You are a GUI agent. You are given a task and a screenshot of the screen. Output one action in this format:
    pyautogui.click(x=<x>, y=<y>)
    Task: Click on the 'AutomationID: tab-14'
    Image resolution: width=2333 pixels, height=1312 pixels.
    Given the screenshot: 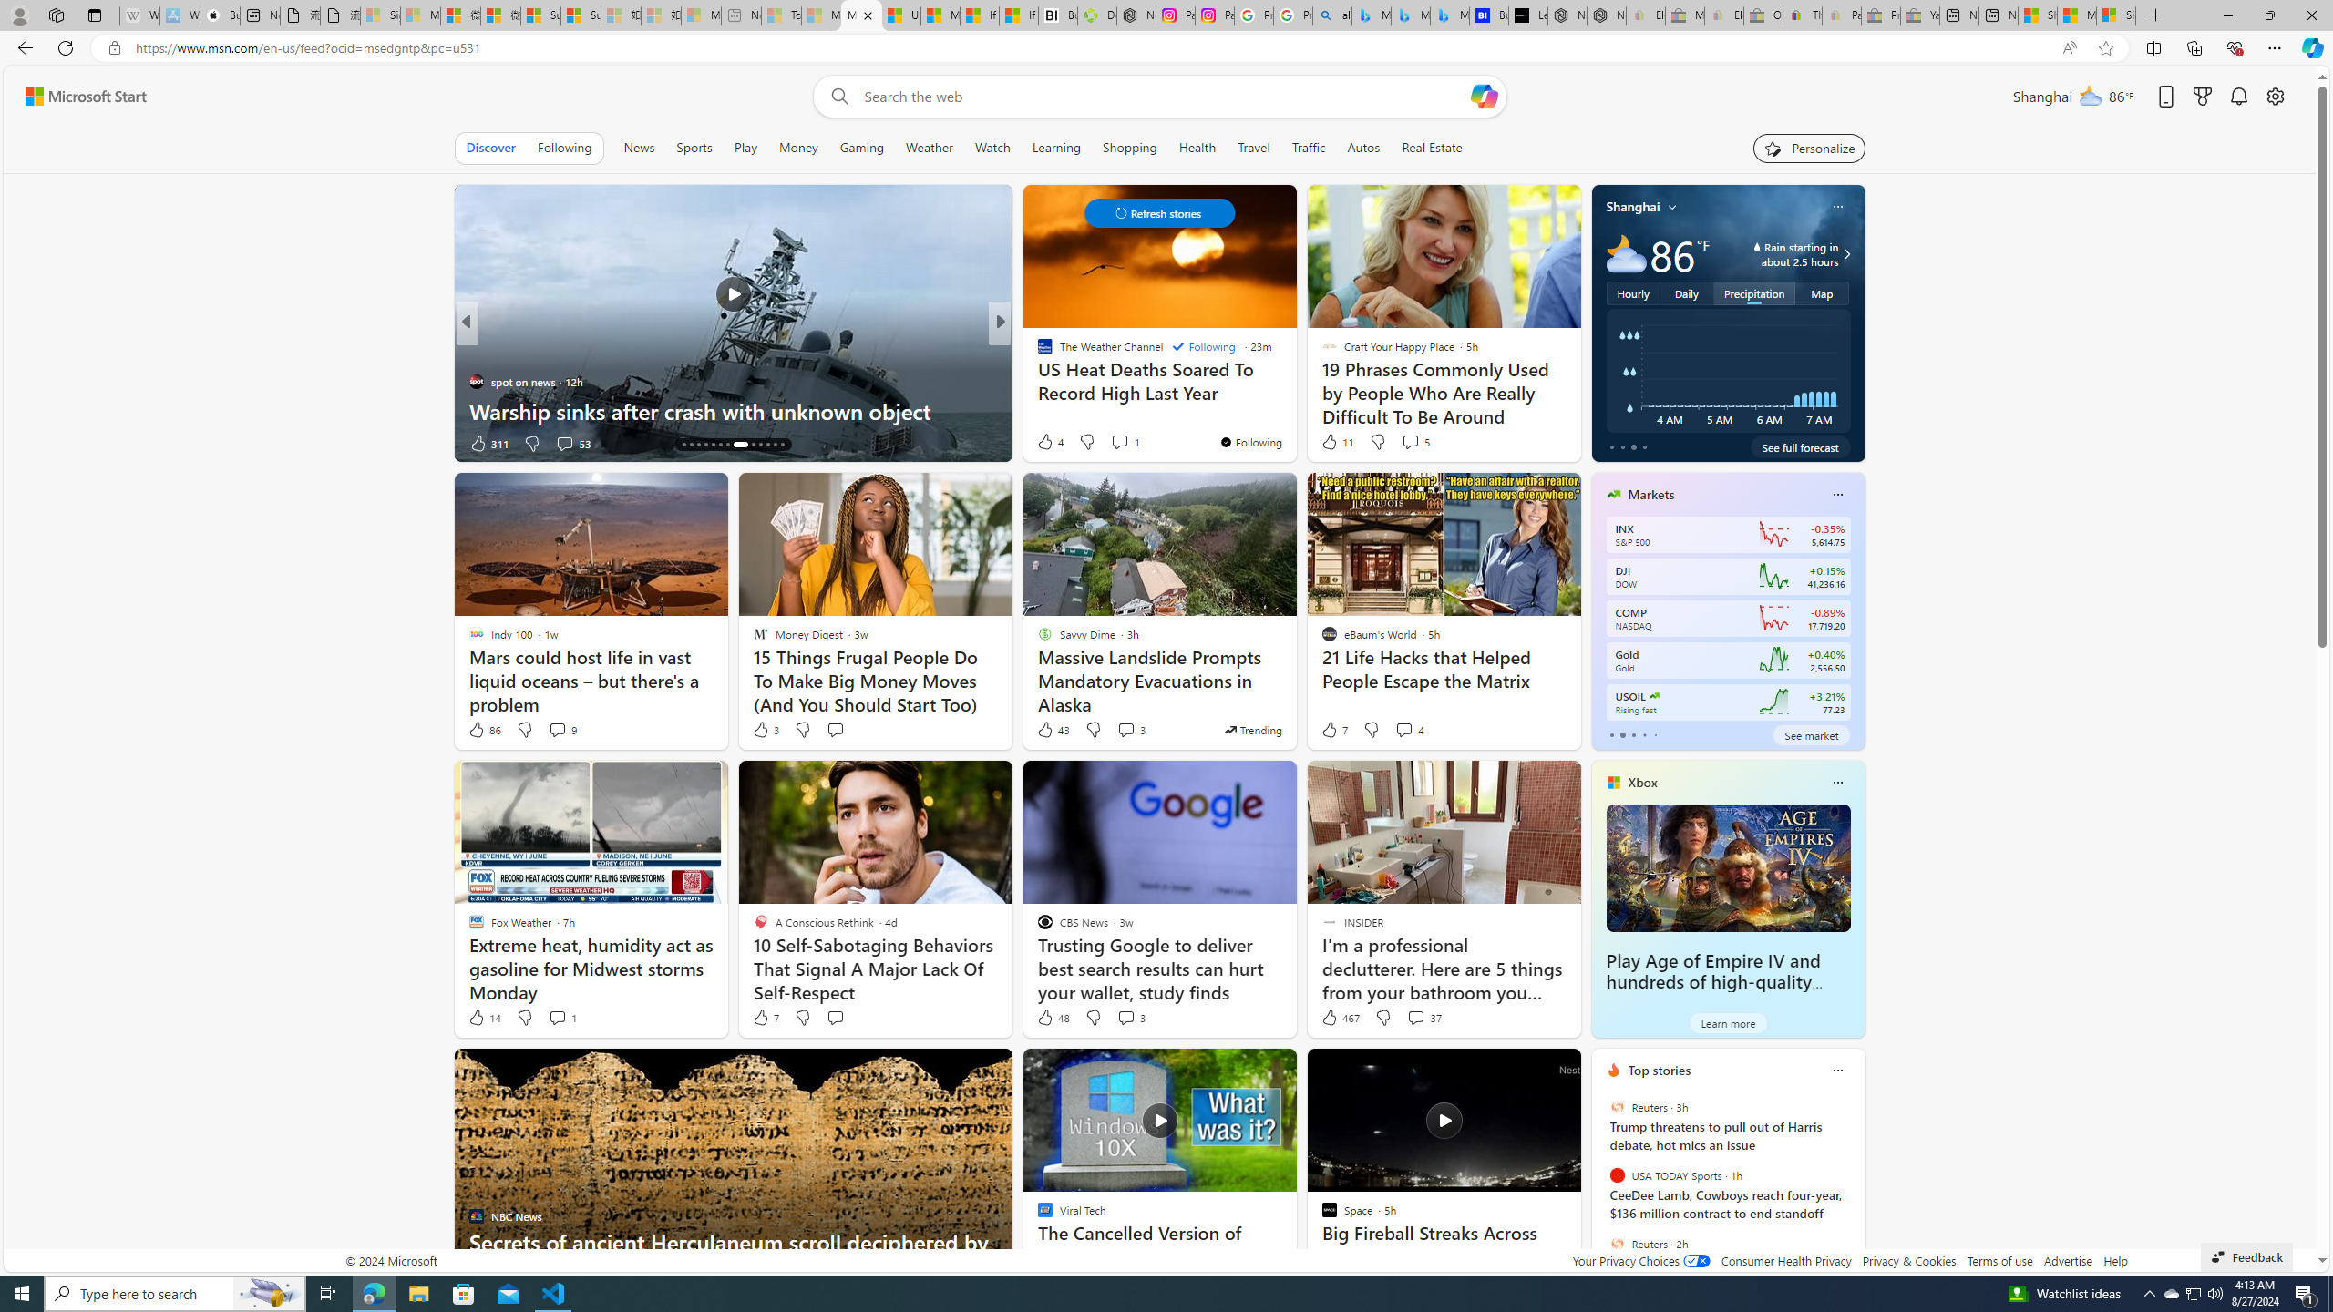 What is the action you would take?
    pyautogui.click(x=683, y=444)
    